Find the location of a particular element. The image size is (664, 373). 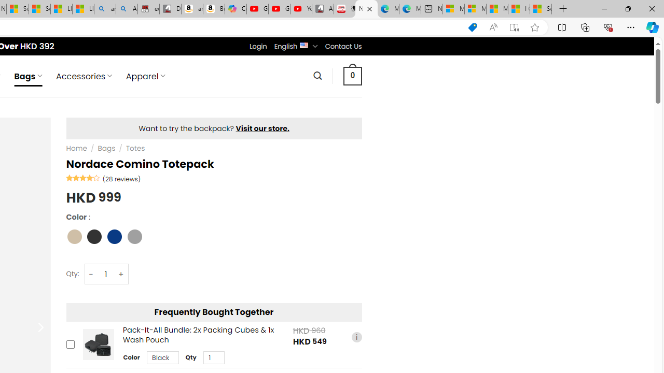

'Gloom - YouTube' is located at coordinates (279, 9).